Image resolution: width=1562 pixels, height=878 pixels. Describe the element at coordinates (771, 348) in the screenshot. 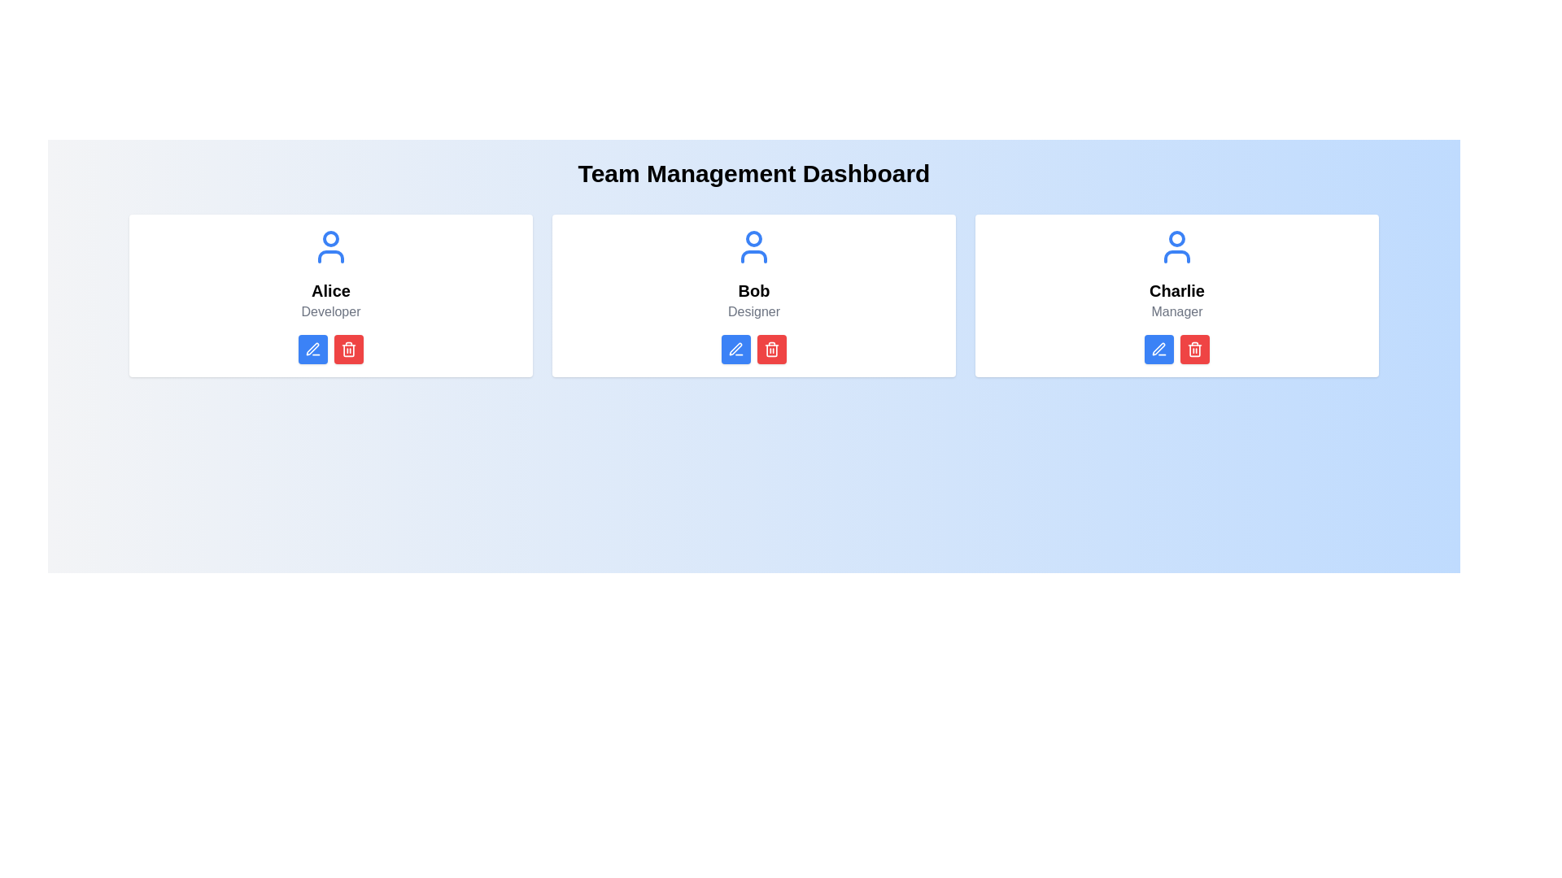

I see `the trash can button with a red background located in the second card under user 'Bob' to initiate a delete action` at that location.